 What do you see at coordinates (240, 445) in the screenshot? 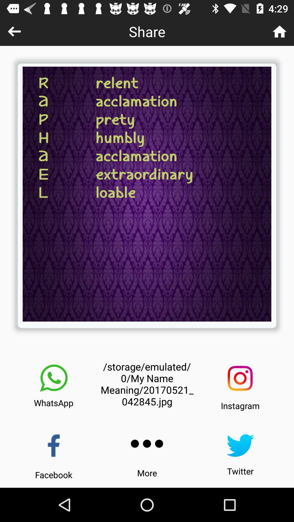
I see `item below instagram item` at bounding box center [240, 445].